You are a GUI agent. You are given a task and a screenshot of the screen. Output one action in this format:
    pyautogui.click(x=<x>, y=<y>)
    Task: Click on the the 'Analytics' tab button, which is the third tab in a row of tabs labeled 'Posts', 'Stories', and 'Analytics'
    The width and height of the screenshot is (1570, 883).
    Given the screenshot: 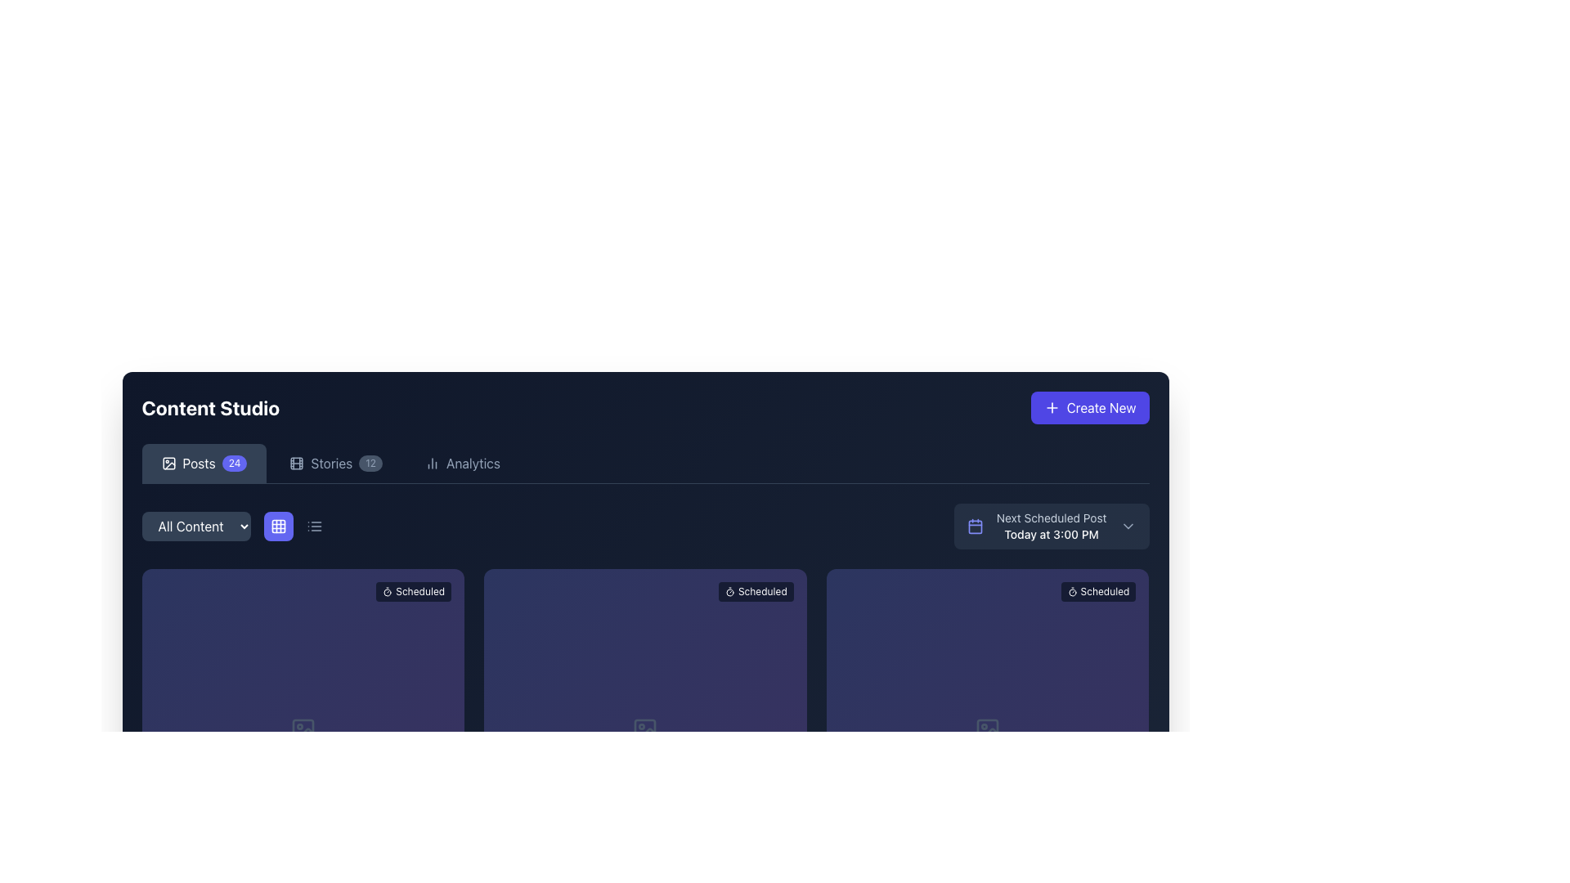 What is the action you would take?
    pyautogui.click(x=462, y=464)
    